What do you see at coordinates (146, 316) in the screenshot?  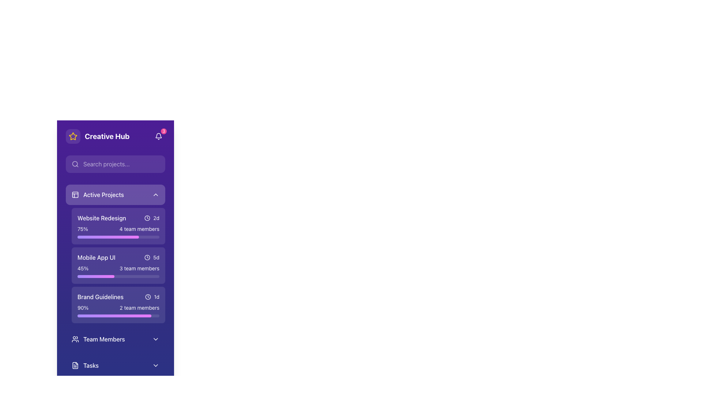 I see `the progress bar` at bounding box center [146, 316].